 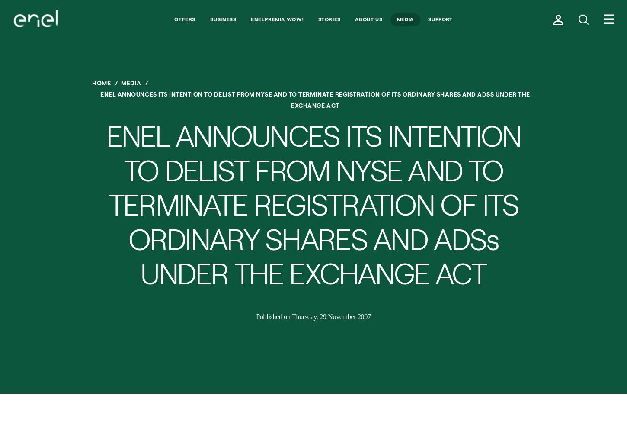 I want to click on 'Business', so click(x=223, y=18).